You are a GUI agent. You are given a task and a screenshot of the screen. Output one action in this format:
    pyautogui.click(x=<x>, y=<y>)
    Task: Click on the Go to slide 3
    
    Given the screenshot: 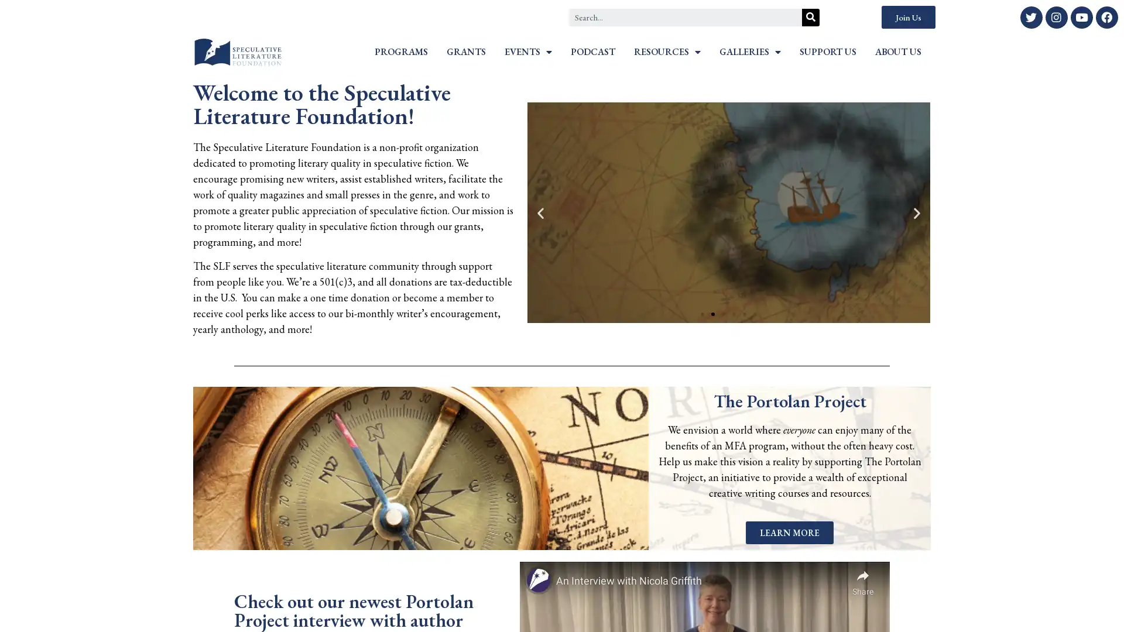 What is the action you would take?
    pyautogui.click(x=723, y=313)
    